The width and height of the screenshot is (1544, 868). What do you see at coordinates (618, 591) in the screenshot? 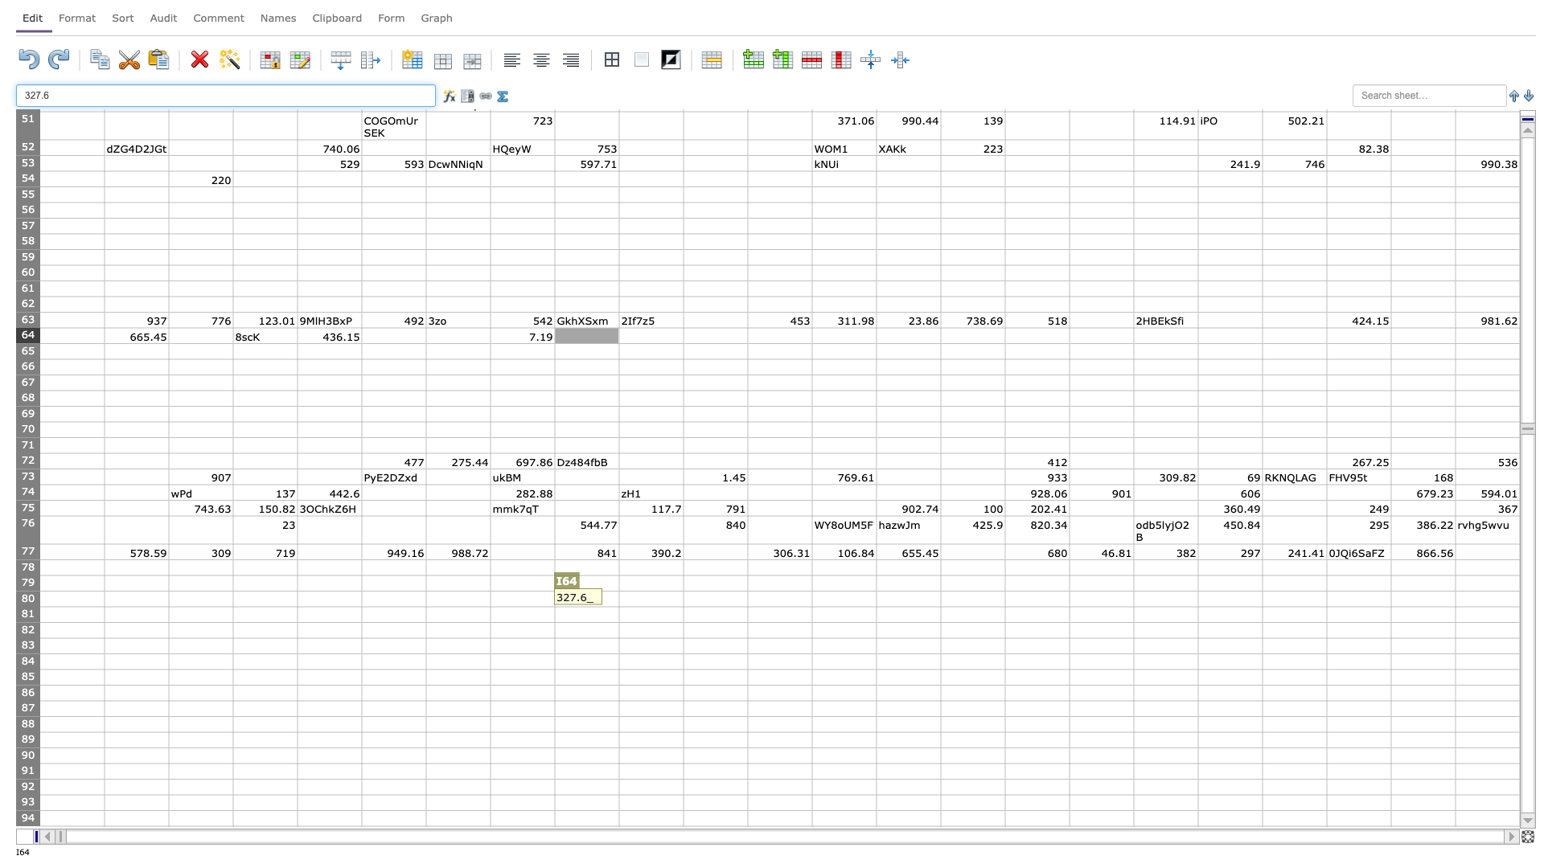
I see `top left corner of J80` at bounding box center [618, 591].